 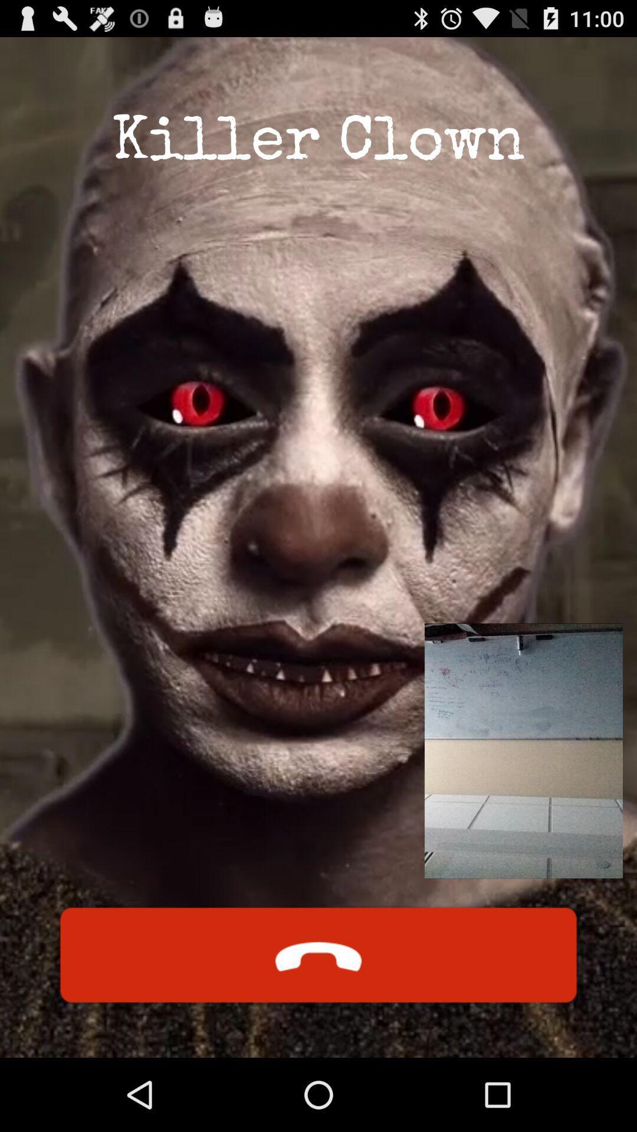 What do you see at coordinates (318, 955) in the screenshot?
I see `hang up the call` at bounding box center [318, 955].